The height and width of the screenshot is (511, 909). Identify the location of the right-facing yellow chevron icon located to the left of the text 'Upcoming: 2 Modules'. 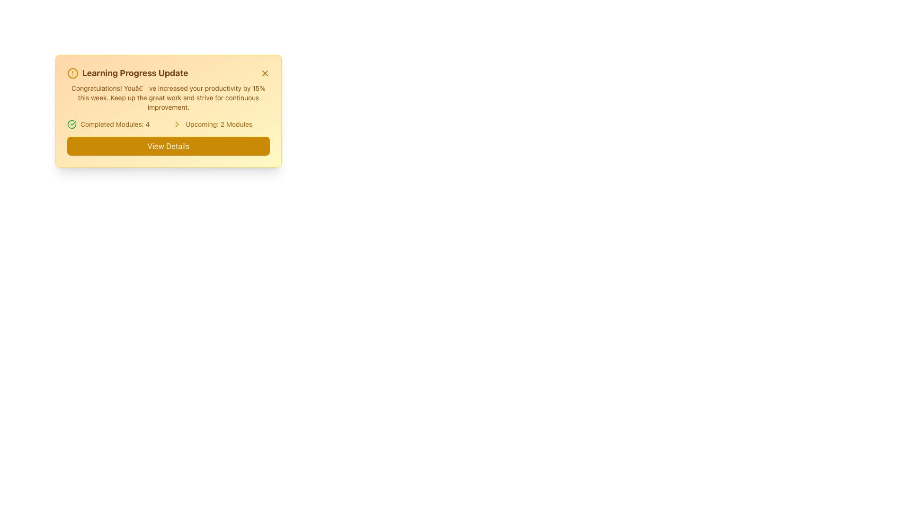
(177, 123).